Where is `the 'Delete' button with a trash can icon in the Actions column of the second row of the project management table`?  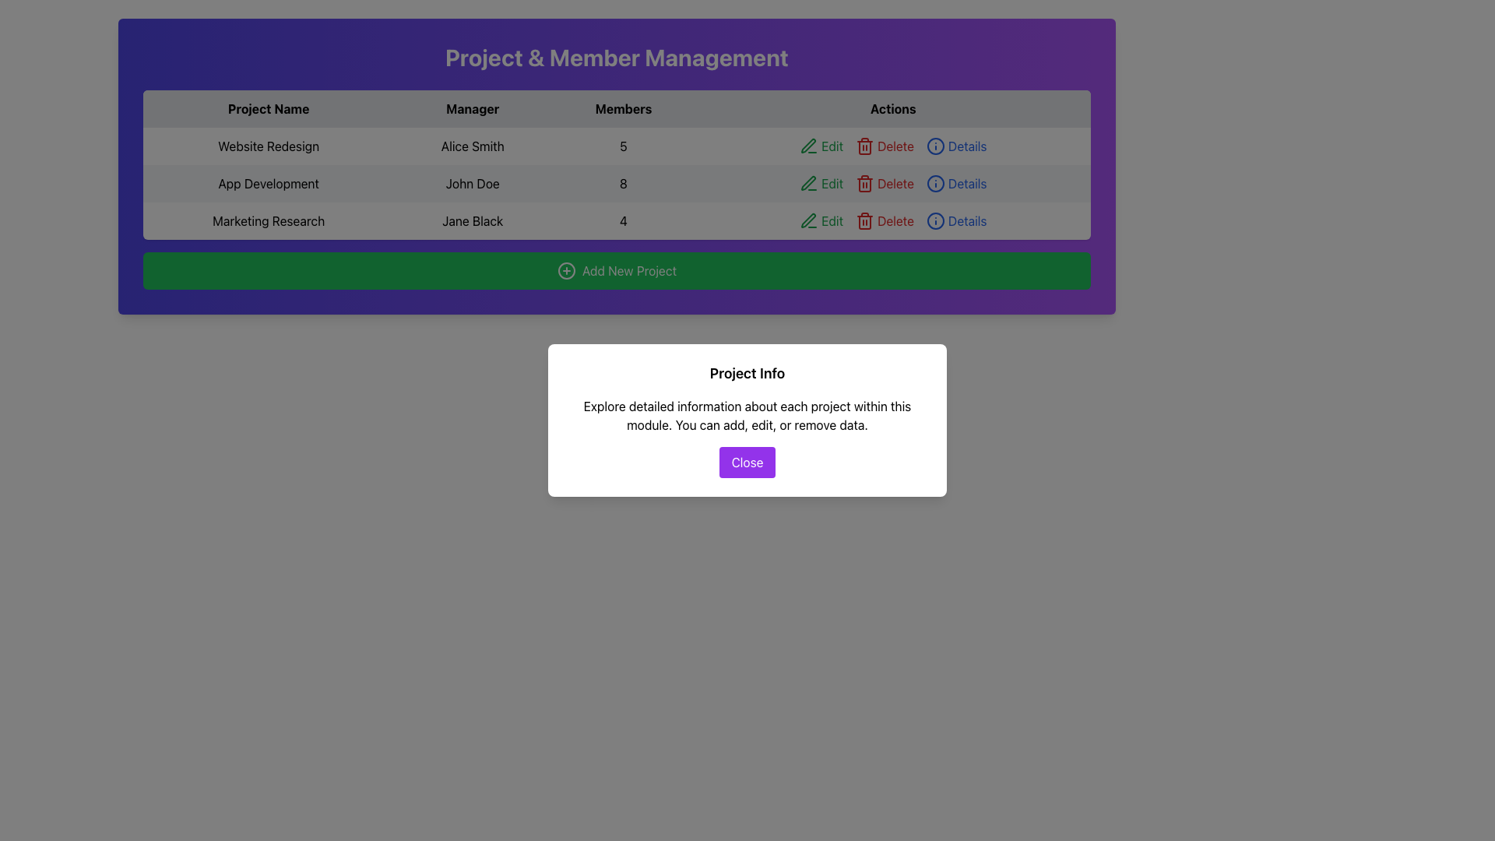
the 'Delete' button with a trash can icon in the Actions column of the second row of the project management table is located at coordinates (885, 182).